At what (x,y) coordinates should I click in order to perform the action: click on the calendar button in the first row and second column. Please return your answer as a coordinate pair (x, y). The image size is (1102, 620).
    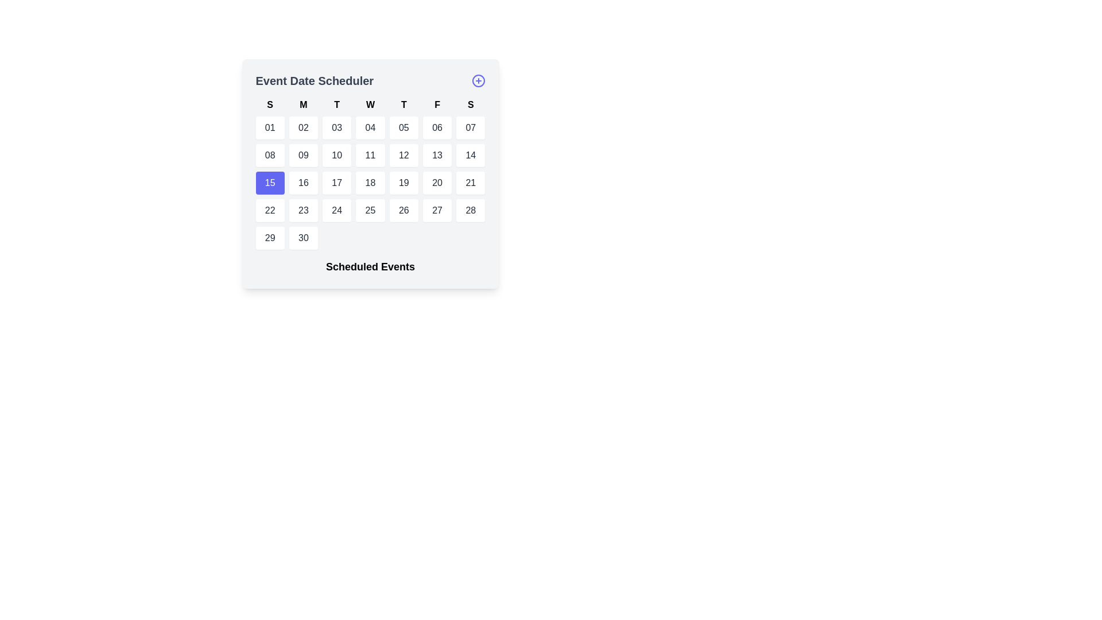
    Looking at the image, I should click on (303, 128).